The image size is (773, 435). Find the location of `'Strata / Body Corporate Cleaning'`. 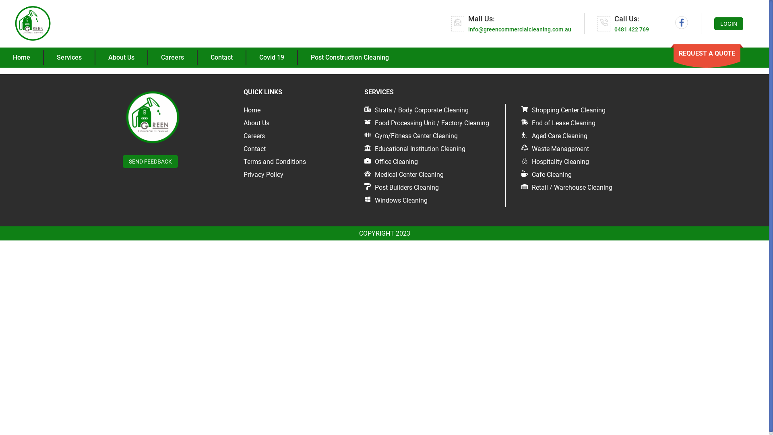

'Strata / Body Corporate Cleaning' is located at coordinates (416, 110).